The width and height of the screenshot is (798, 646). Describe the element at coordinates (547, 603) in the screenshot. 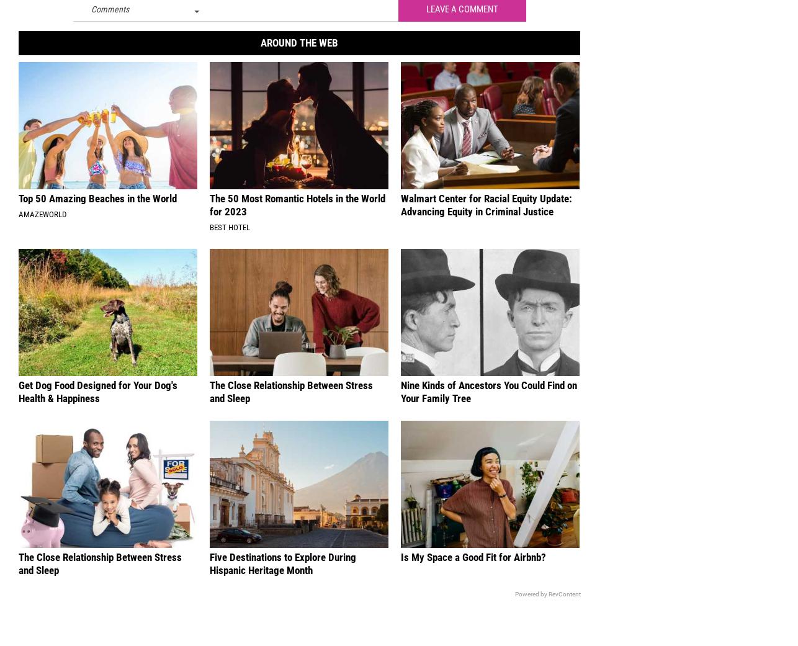

I see `'Powered by RevContent'` at that location.